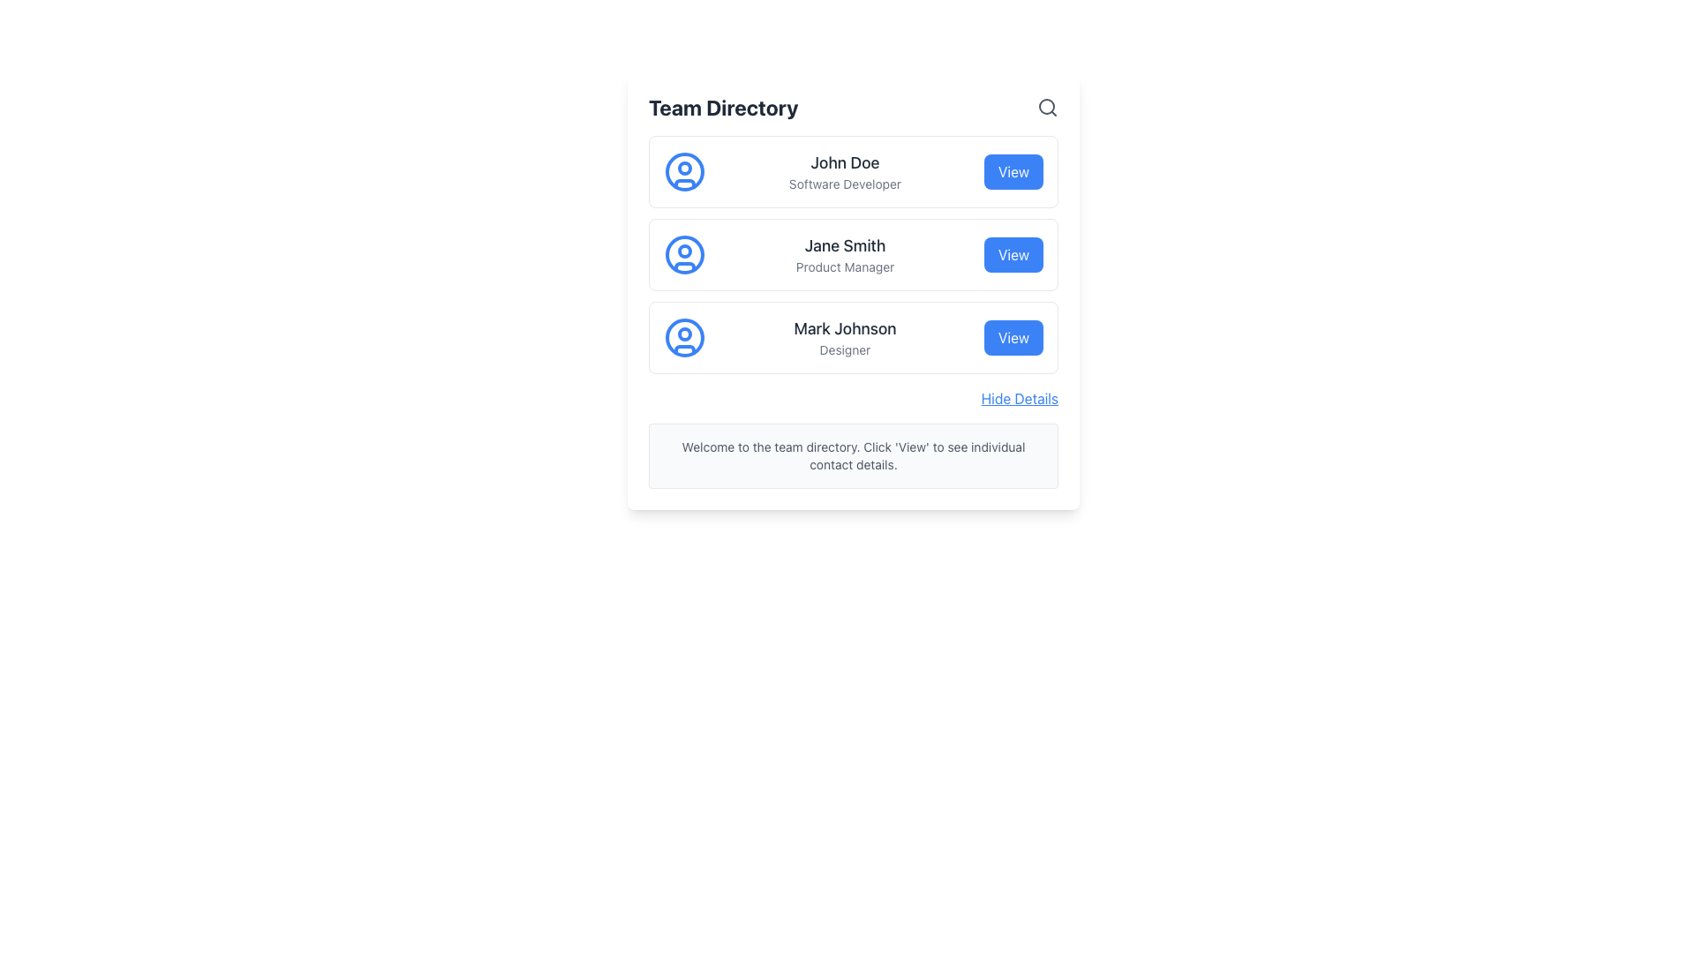  Describe the element at coordinates (684, 169) in the screenshot. I see `the small circular SVG element within the profile avatar of the topmost user in the team directory, which has a blue outline` at that location.